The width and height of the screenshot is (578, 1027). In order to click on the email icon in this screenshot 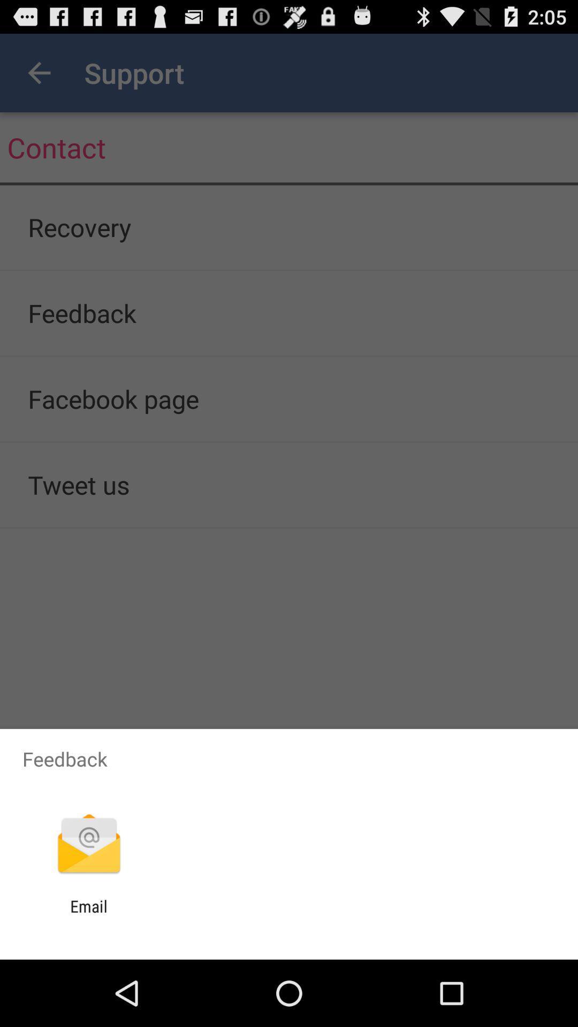, I will do `click(88, 915)`.